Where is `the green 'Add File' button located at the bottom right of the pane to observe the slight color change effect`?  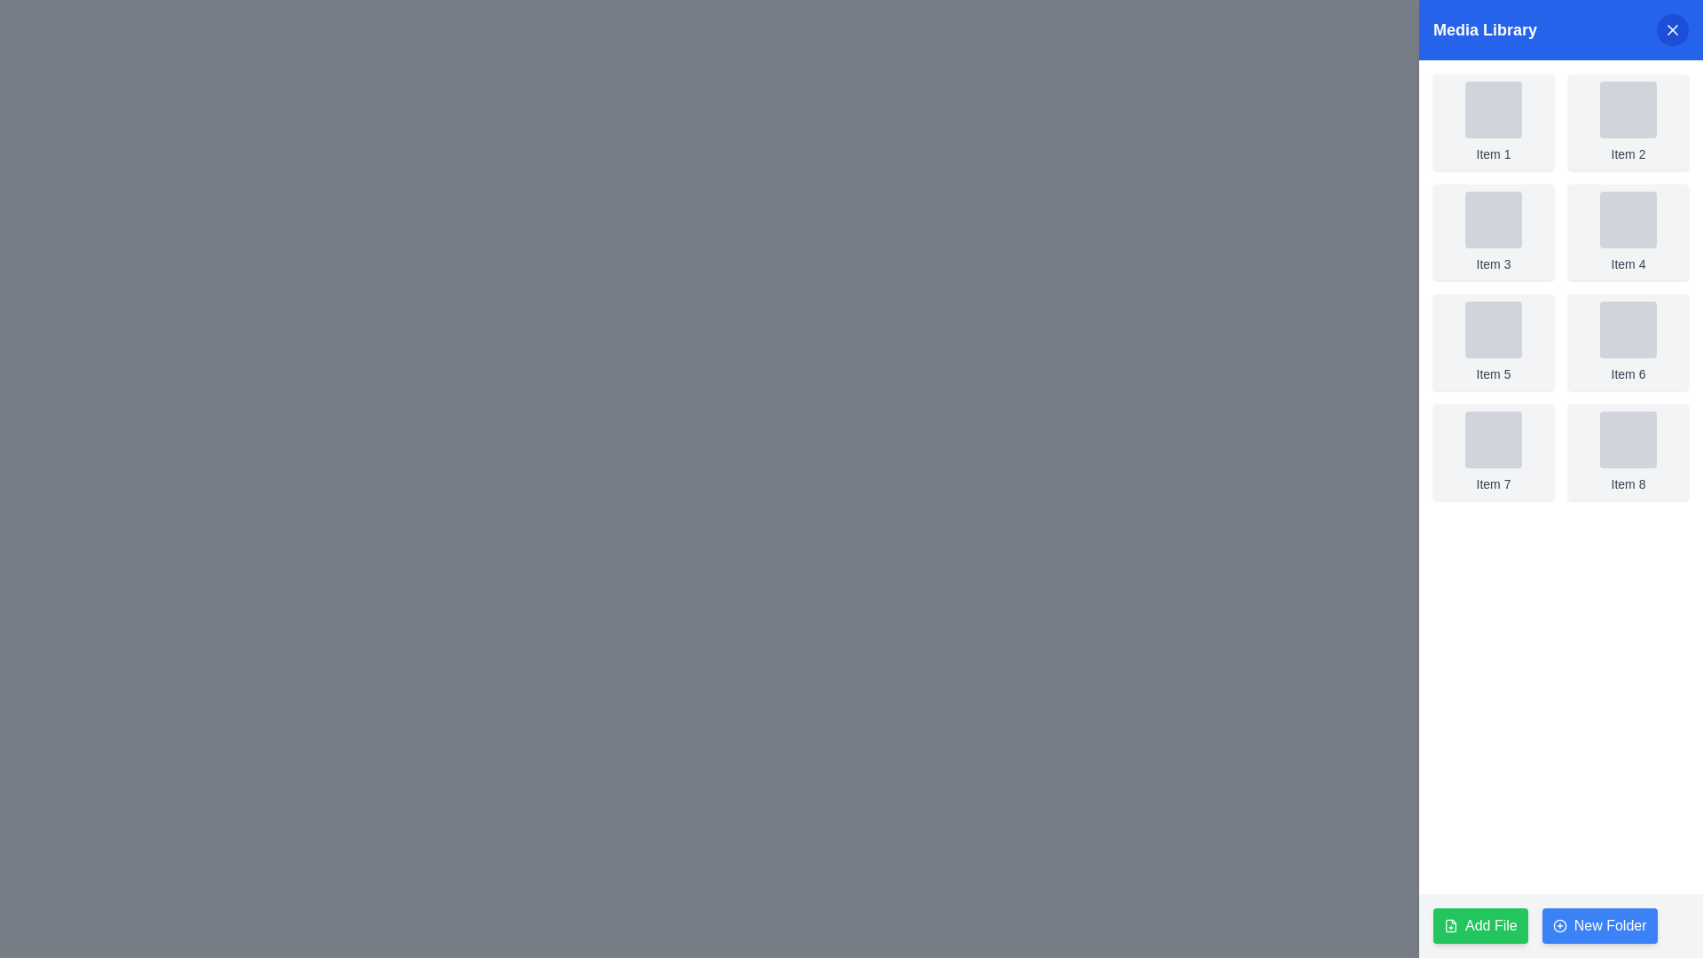
the green 'Add File' button located at the bottom right of the pane to observe the slight color change effect is located at coordinates (1480, 925).